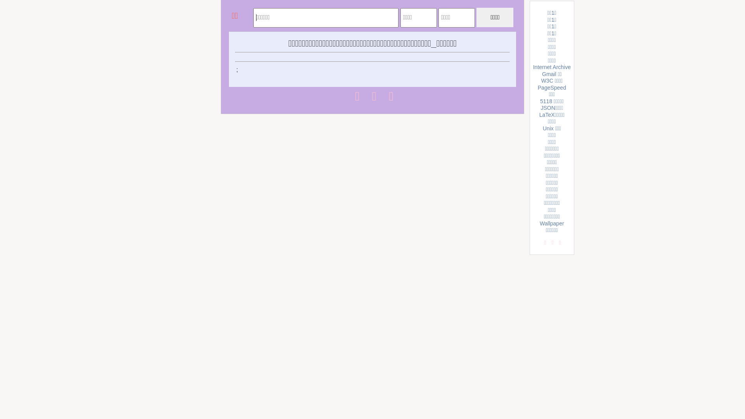  Describe the element at coordinates (537, 87) in the screenshot. I see `'PageSpeed'` at that location.